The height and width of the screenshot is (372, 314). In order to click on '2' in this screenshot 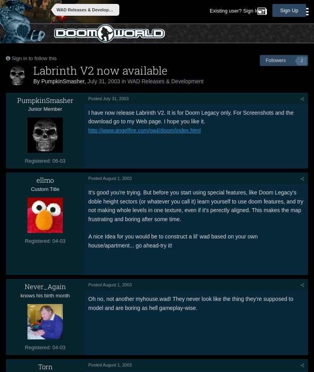, I will do `click(301, 60)`.